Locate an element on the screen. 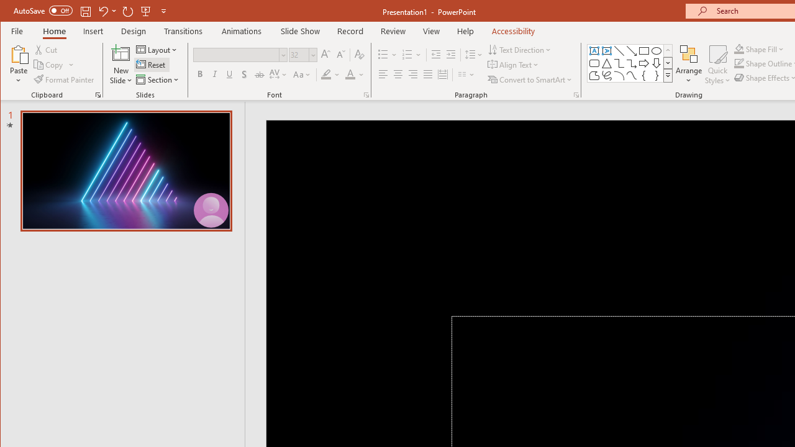 This screenshot has height=447, width=795. 'Character Spacing' is located at coordinates (278, 74).